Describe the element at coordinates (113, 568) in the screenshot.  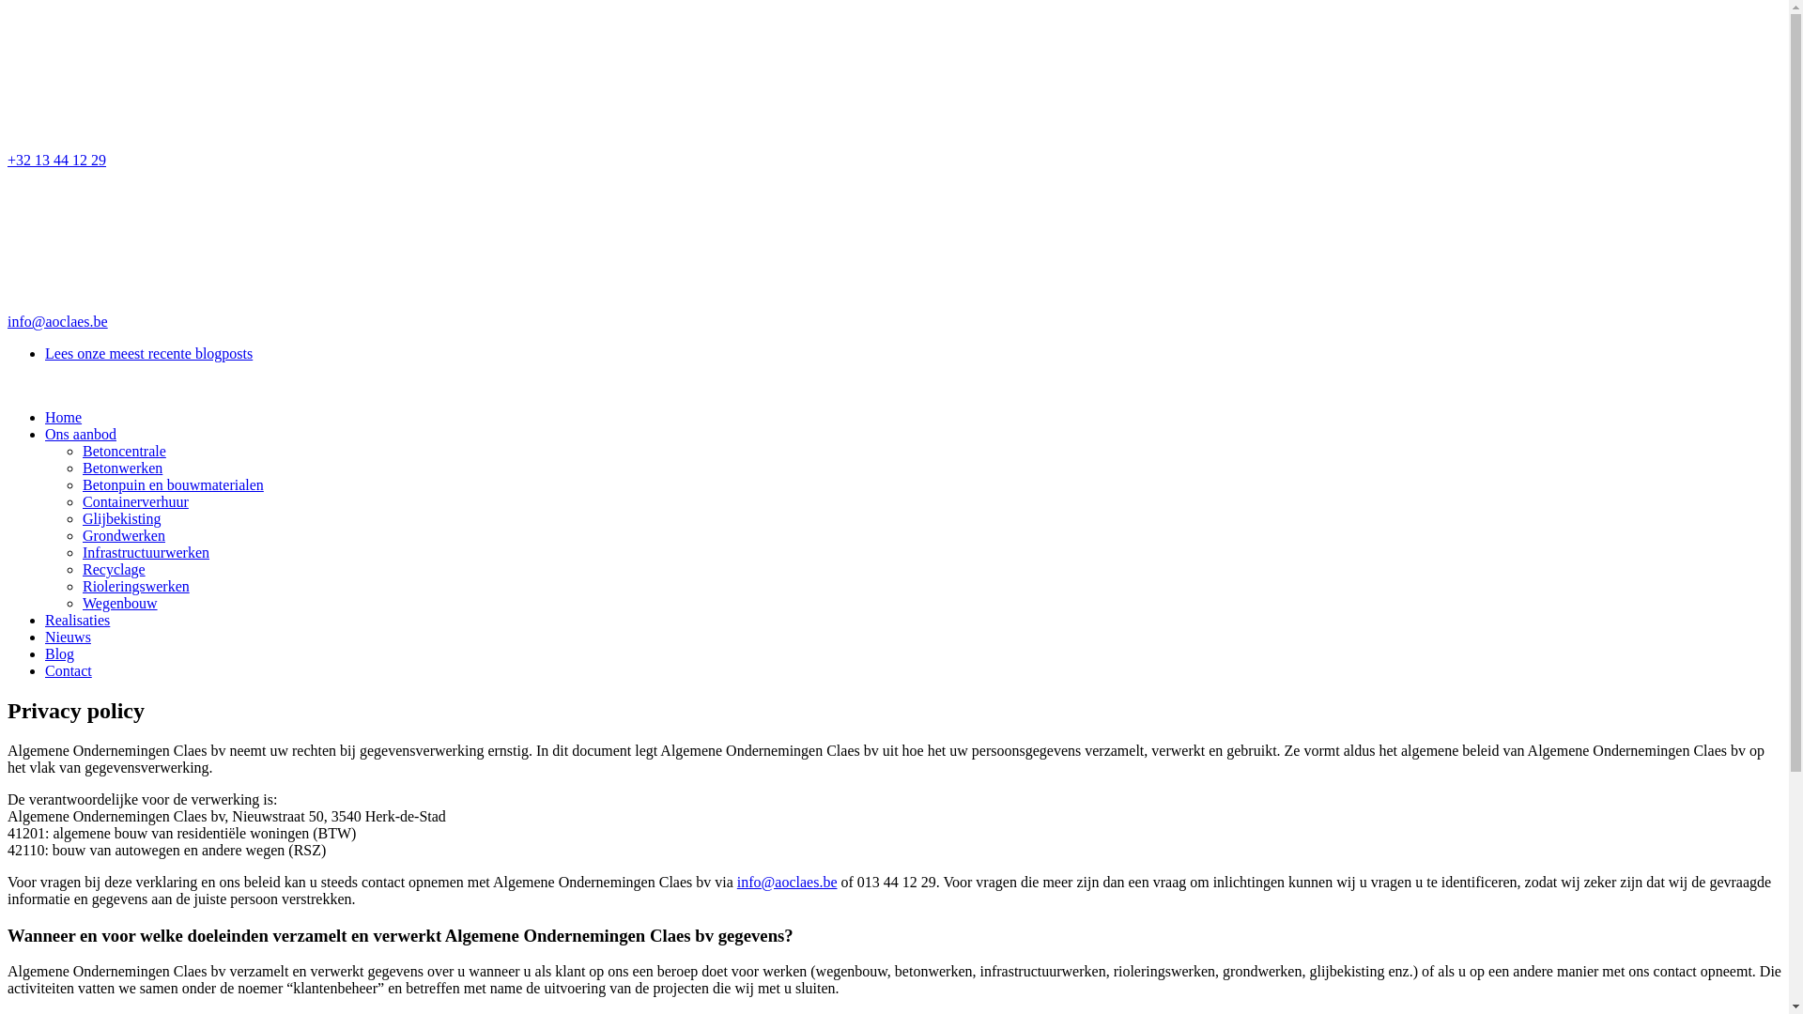
I see `'Recyclage'` at that location.